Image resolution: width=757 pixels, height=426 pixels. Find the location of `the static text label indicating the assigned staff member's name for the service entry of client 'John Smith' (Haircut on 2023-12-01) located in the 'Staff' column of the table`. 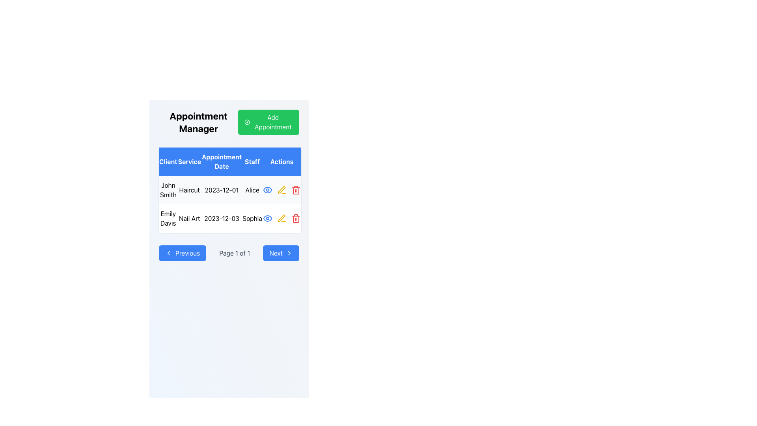

the static text label indicating the assigned staff member's name for the service entry of client 'John Smith' (Haircut on 2023-12-01) located in the 'Staff' column of the table is located at coordinates (252, 190).